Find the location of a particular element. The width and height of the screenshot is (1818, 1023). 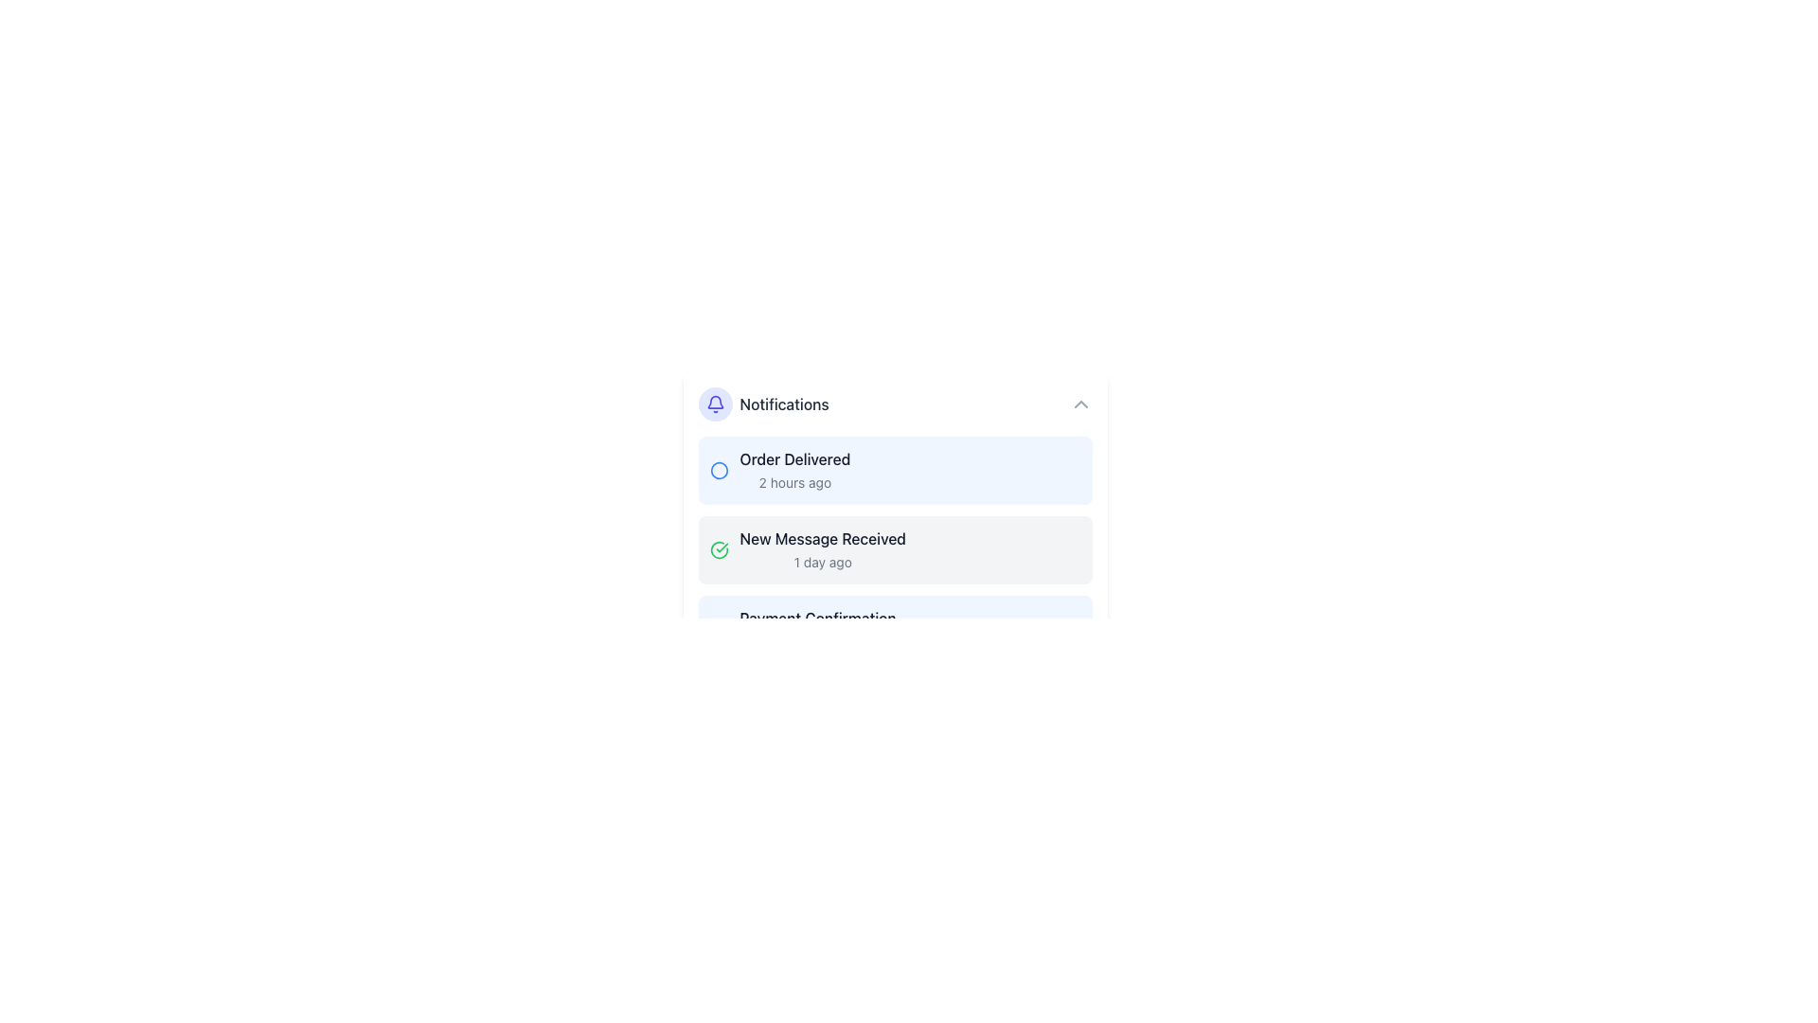

the second notification item in the notifications list is located at coordinates (823, 550).